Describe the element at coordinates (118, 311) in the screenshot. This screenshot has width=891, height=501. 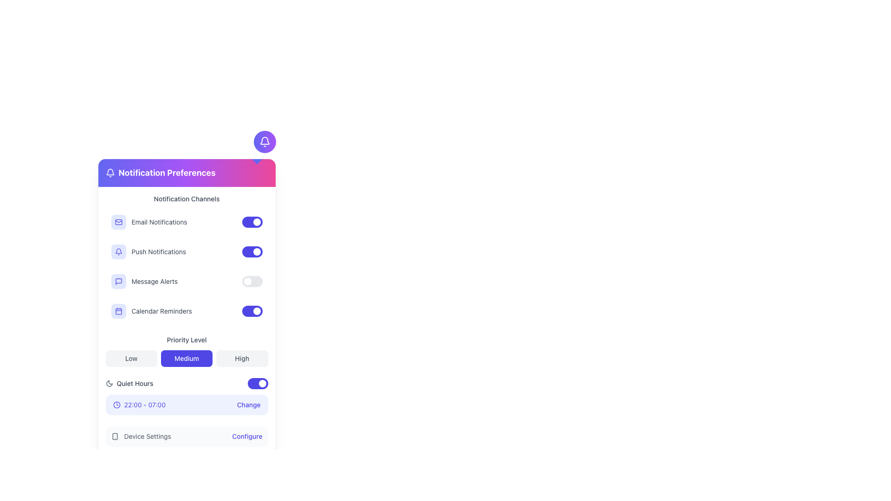
I see `the calendar notification icon, which is located in the fourth row of notification channels and has a rounded indigo-filled background, next to the 'Calendar Reminders' text label` at that location.